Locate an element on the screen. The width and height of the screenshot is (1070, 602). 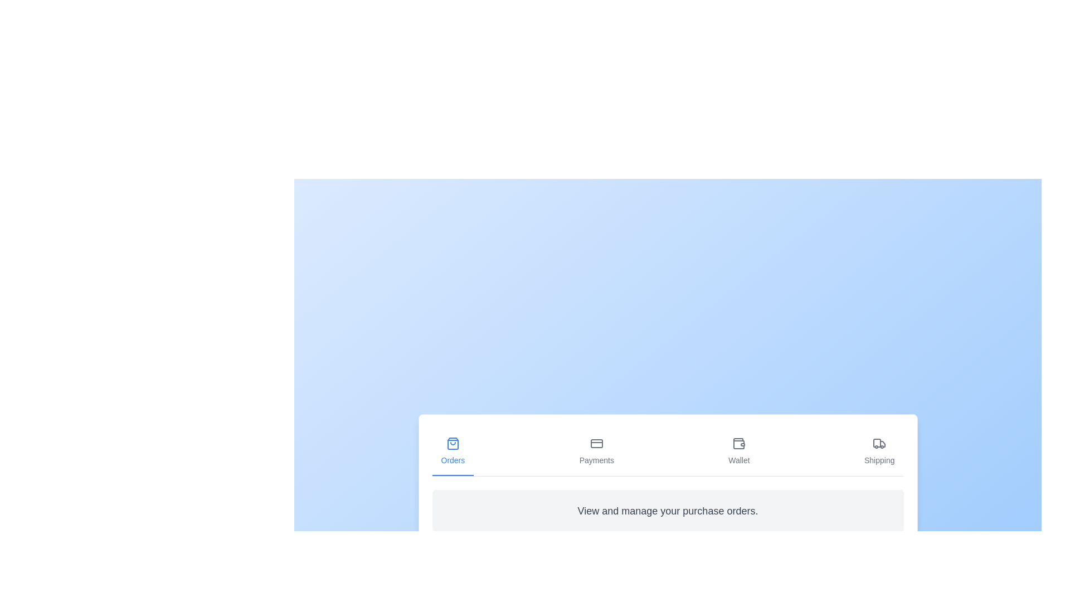
the 'Payments' button located in the header area is located at coordinates (596, 452).